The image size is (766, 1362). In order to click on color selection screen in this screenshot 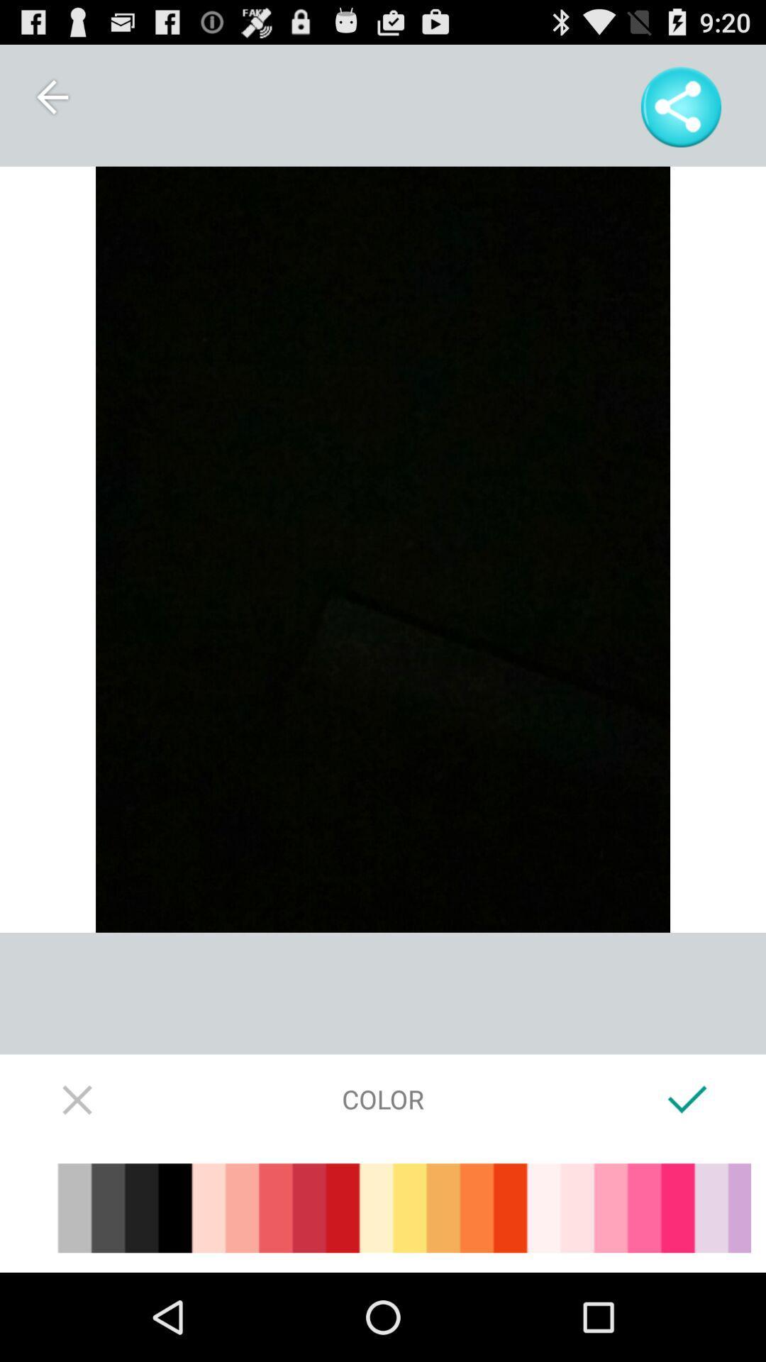, I will do `click(78, 1098)`.